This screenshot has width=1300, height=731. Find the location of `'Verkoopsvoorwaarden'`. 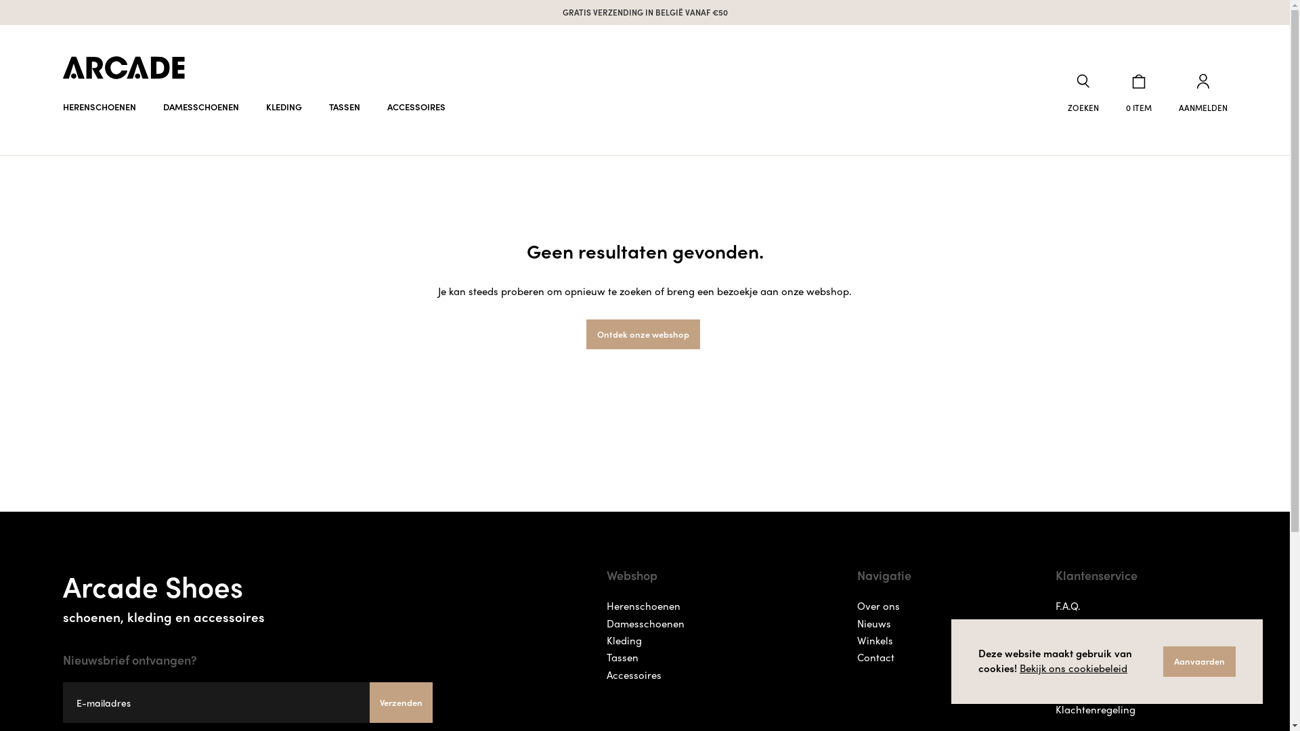

'Verkoopsvoorwaarden' is located at coordinates (1108, 675).